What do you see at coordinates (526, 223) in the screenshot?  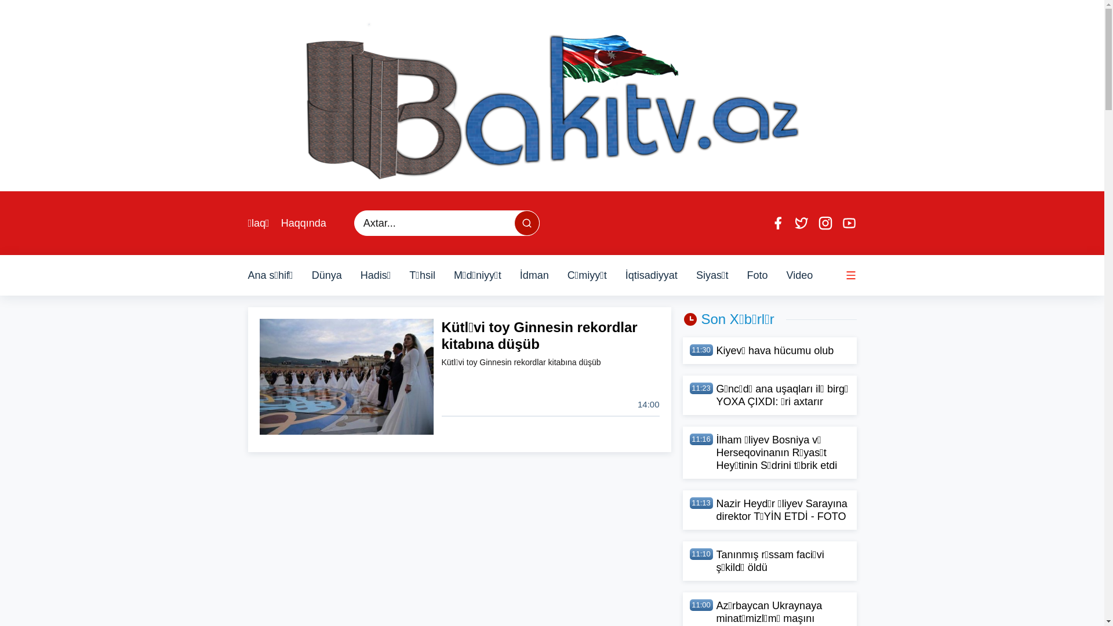 I see `'Axtar...'` at bounding box center [526, 223].